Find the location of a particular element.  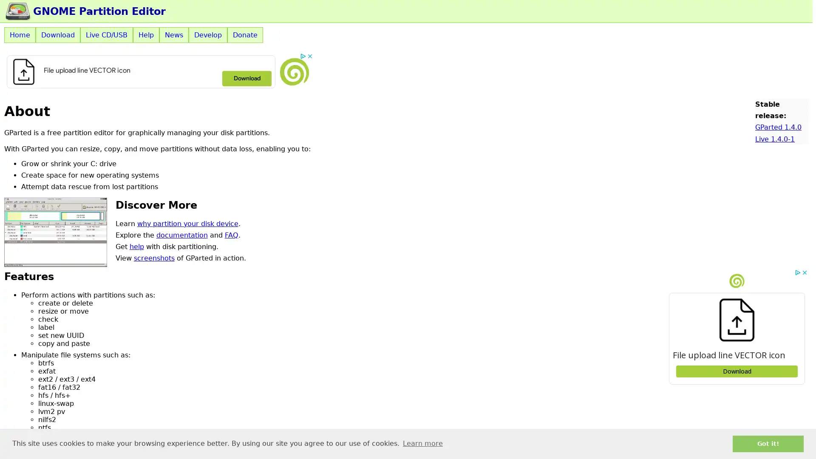

dismiss cookie message is located at coordinates (768, 443).